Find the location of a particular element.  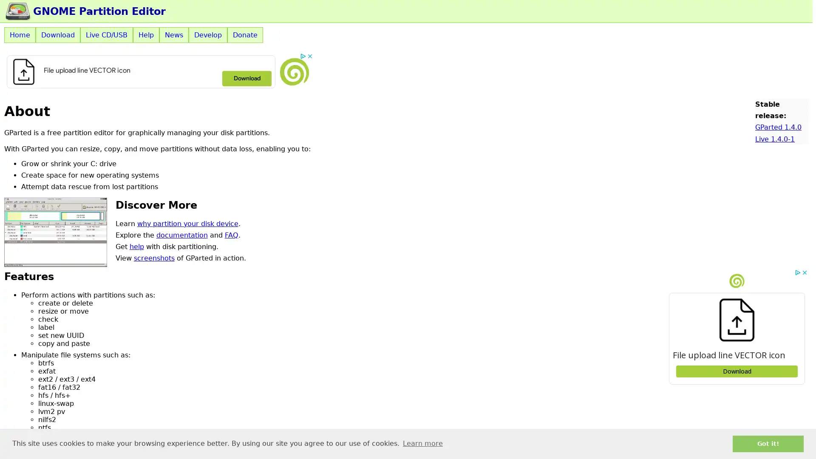

dismiss cookie message is located at coordinates (768, 443).